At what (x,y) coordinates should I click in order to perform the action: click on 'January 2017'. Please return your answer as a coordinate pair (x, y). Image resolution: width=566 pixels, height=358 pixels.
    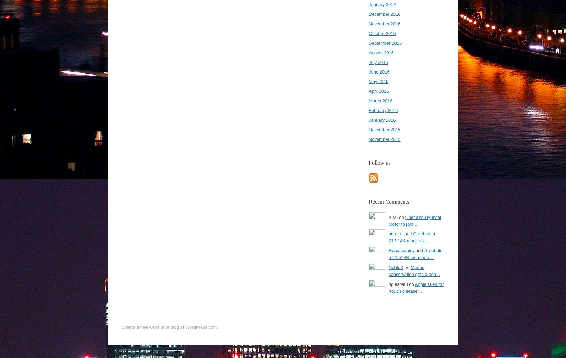
    Looking at the image, I should click on (382, 4).